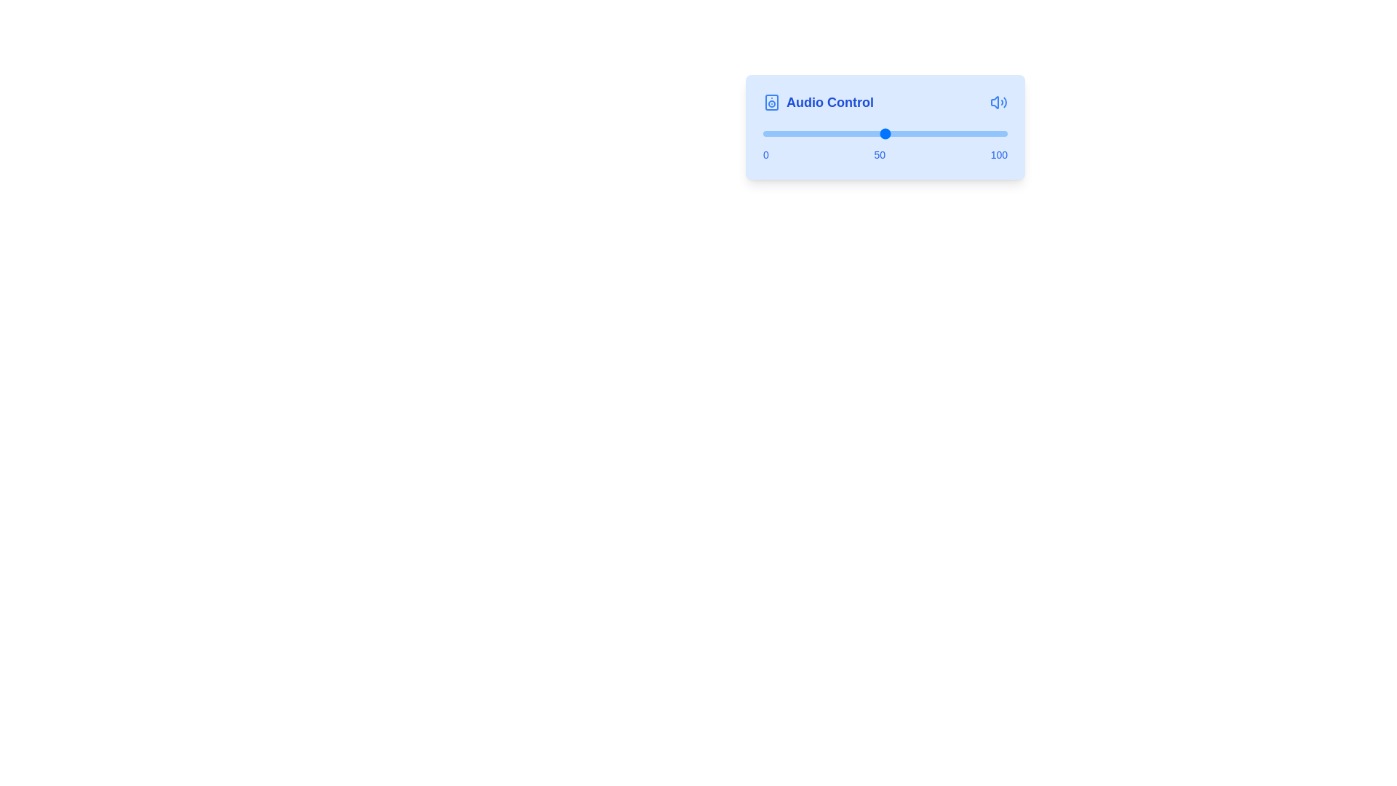  Describe the element at coordinates (885, 154) in the screenshot. I see `the text label displaying volume levels ('0', '50', '100') in blue font, located beneath the slider control in the 'Audio Control' UI component` at that location.